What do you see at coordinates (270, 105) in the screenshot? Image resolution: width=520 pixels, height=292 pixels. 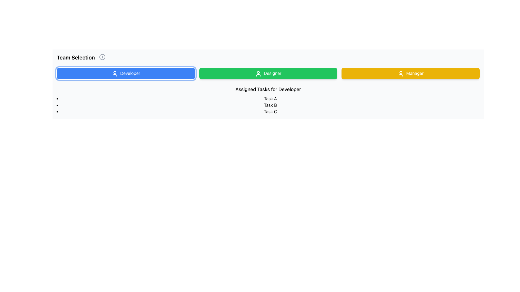 I see `the vertical unordered list containing 'Task A,' 'Task B,' and 'Task C,' which is centrally located below the header 'Assigned Tasks for Developer.'` at bounding box center [270, 105].